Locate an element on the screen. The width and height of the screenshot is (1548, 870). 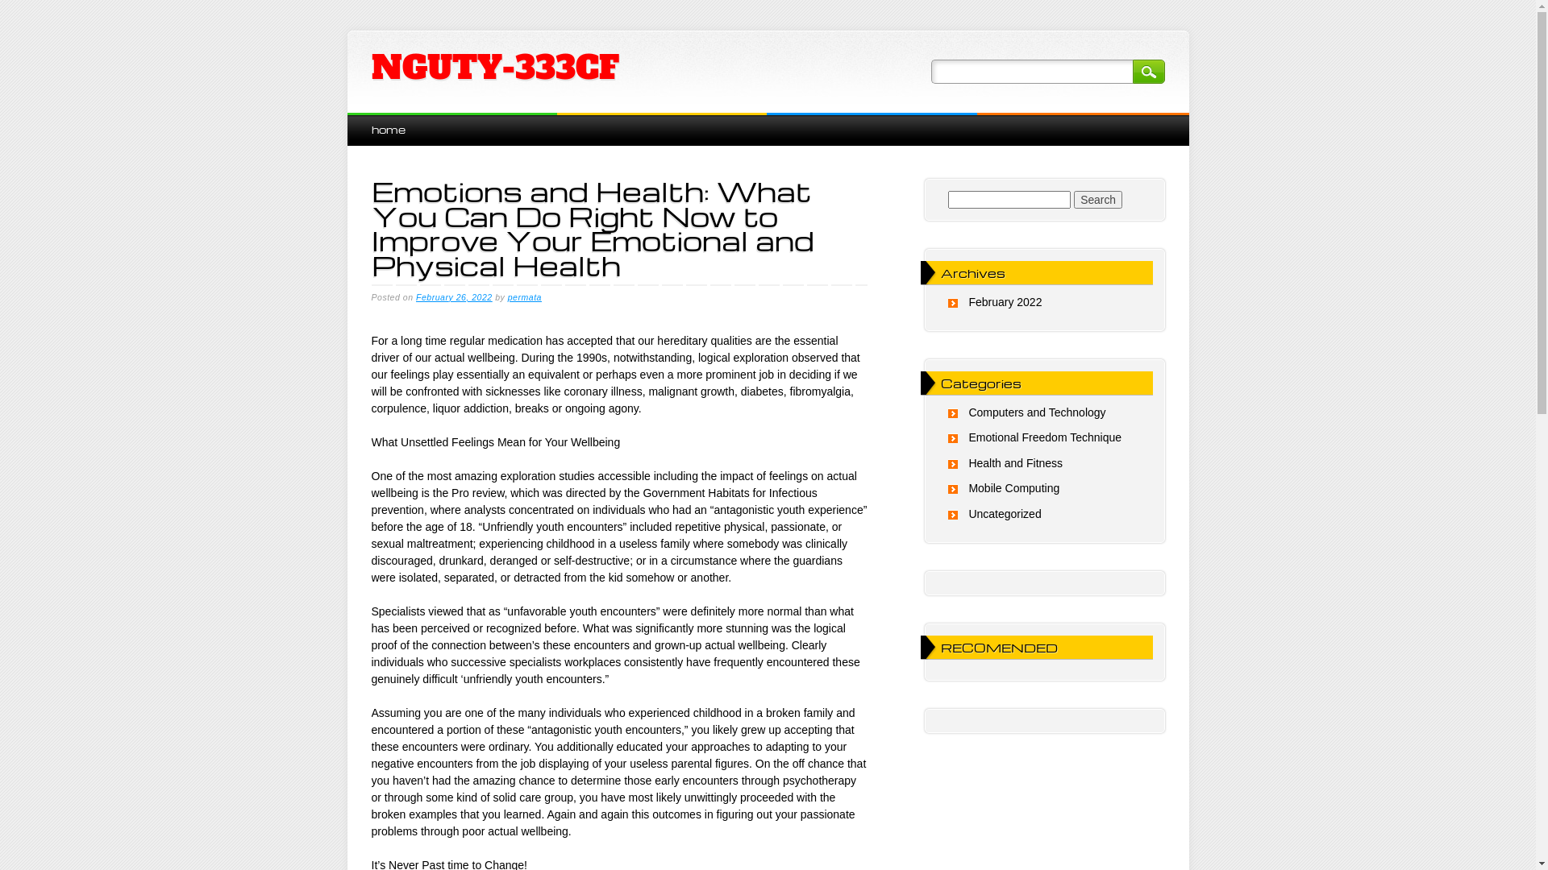
'Search' is located at coordinates (1147, 70).